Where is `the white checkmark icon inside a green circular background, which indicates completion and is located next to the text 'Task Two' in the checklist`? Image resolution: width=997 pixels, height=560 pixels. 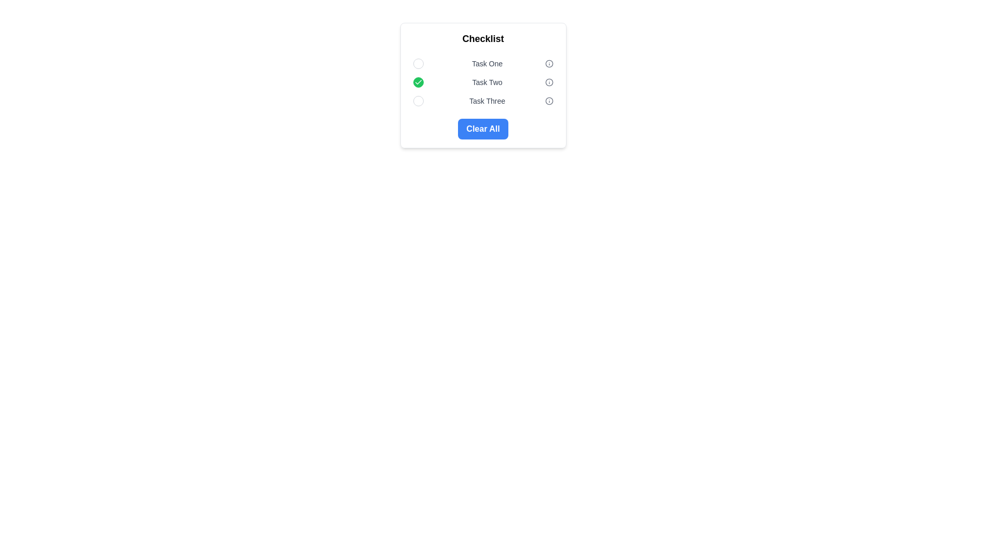
the white checkmark icon inside a green circular background, which indicates completion and is located next to the text 'Task Two' in the checklist is located at coordinates (418, 81).